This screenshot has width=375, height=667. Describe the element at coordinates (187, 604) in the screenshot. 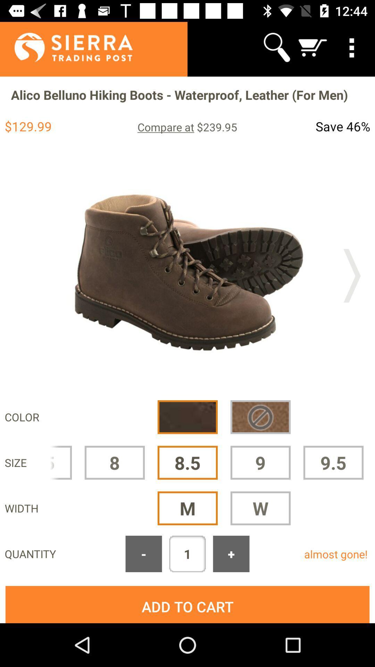

I see `the add to cart button` at that location.